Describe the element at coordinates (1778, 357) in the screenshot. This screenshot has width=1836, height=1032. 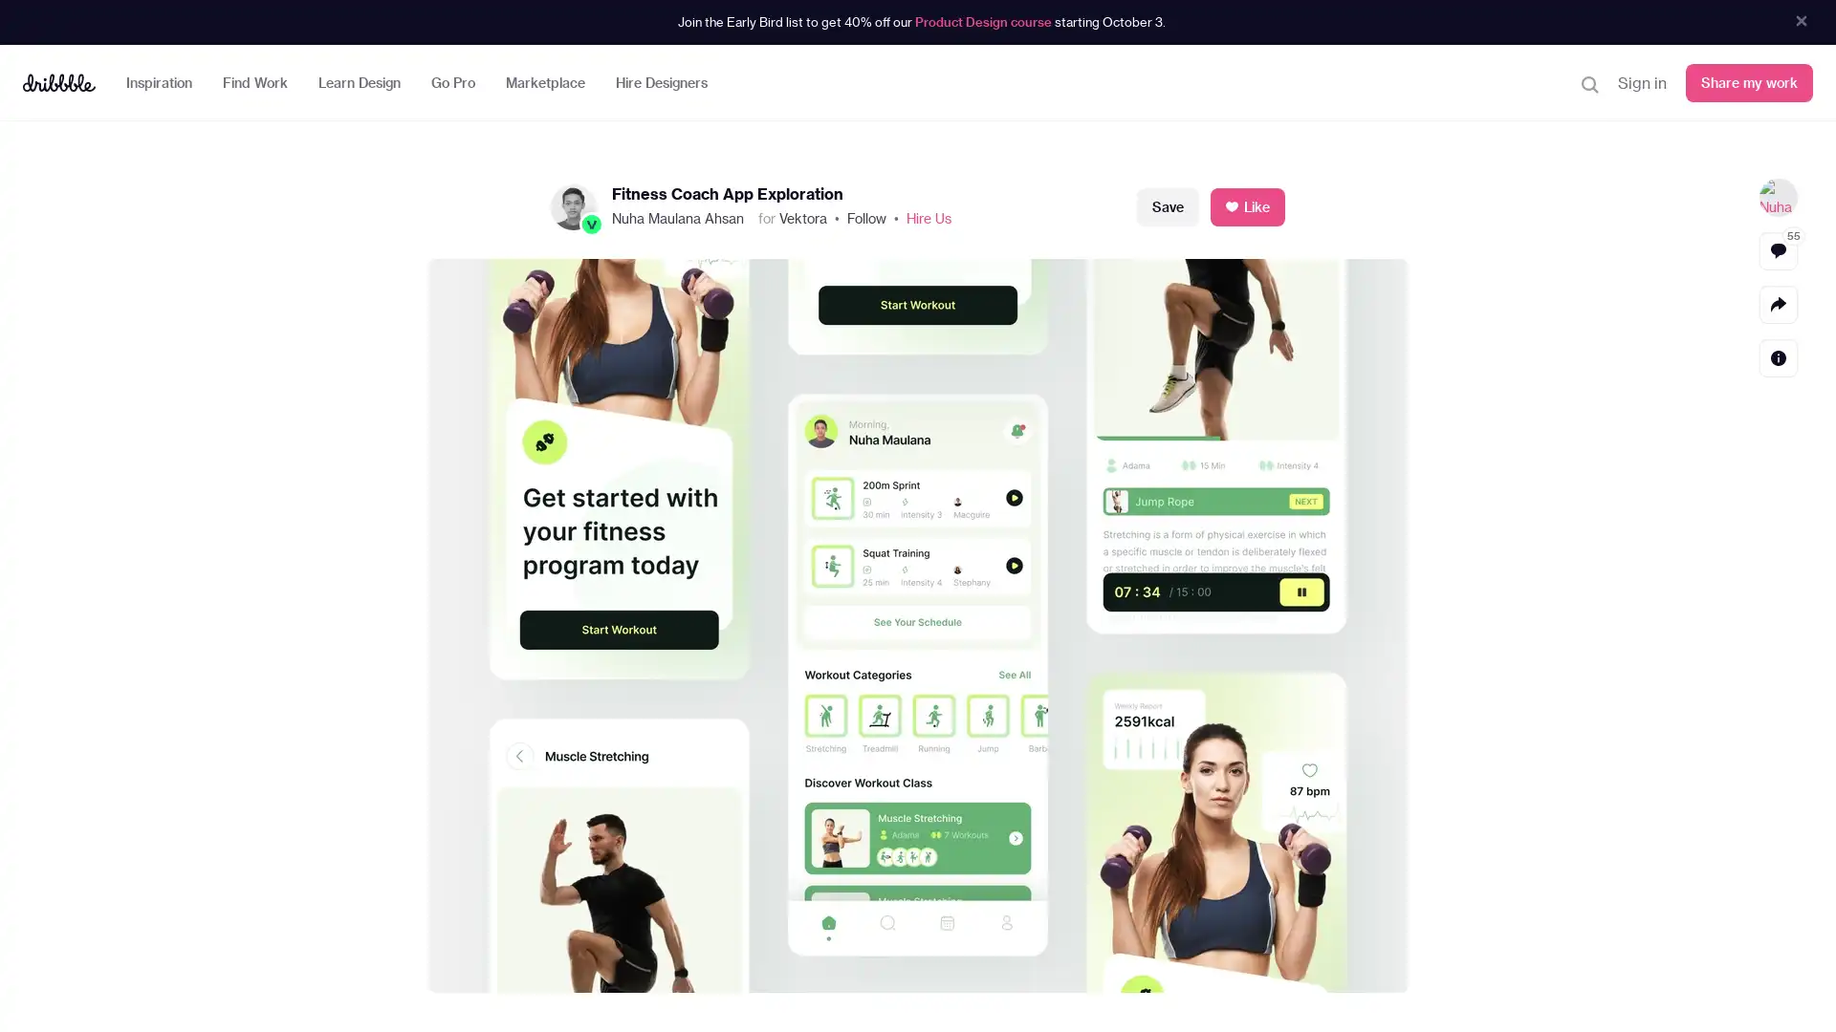
I see `Detail actions` at that location.